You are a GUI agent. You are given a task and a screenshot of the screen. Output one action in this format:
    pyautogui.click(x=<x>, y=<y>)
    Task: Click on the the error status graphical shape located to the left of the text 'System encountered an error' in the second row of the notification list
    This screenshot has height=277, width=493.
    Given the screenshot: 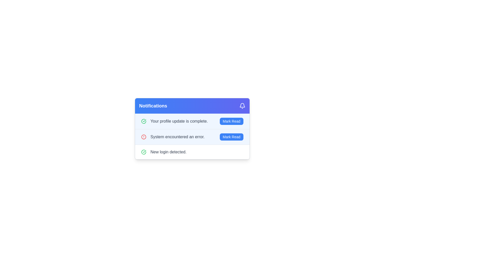 What is the action you would take?
    pyautogui.click(x=144, y=136)
    